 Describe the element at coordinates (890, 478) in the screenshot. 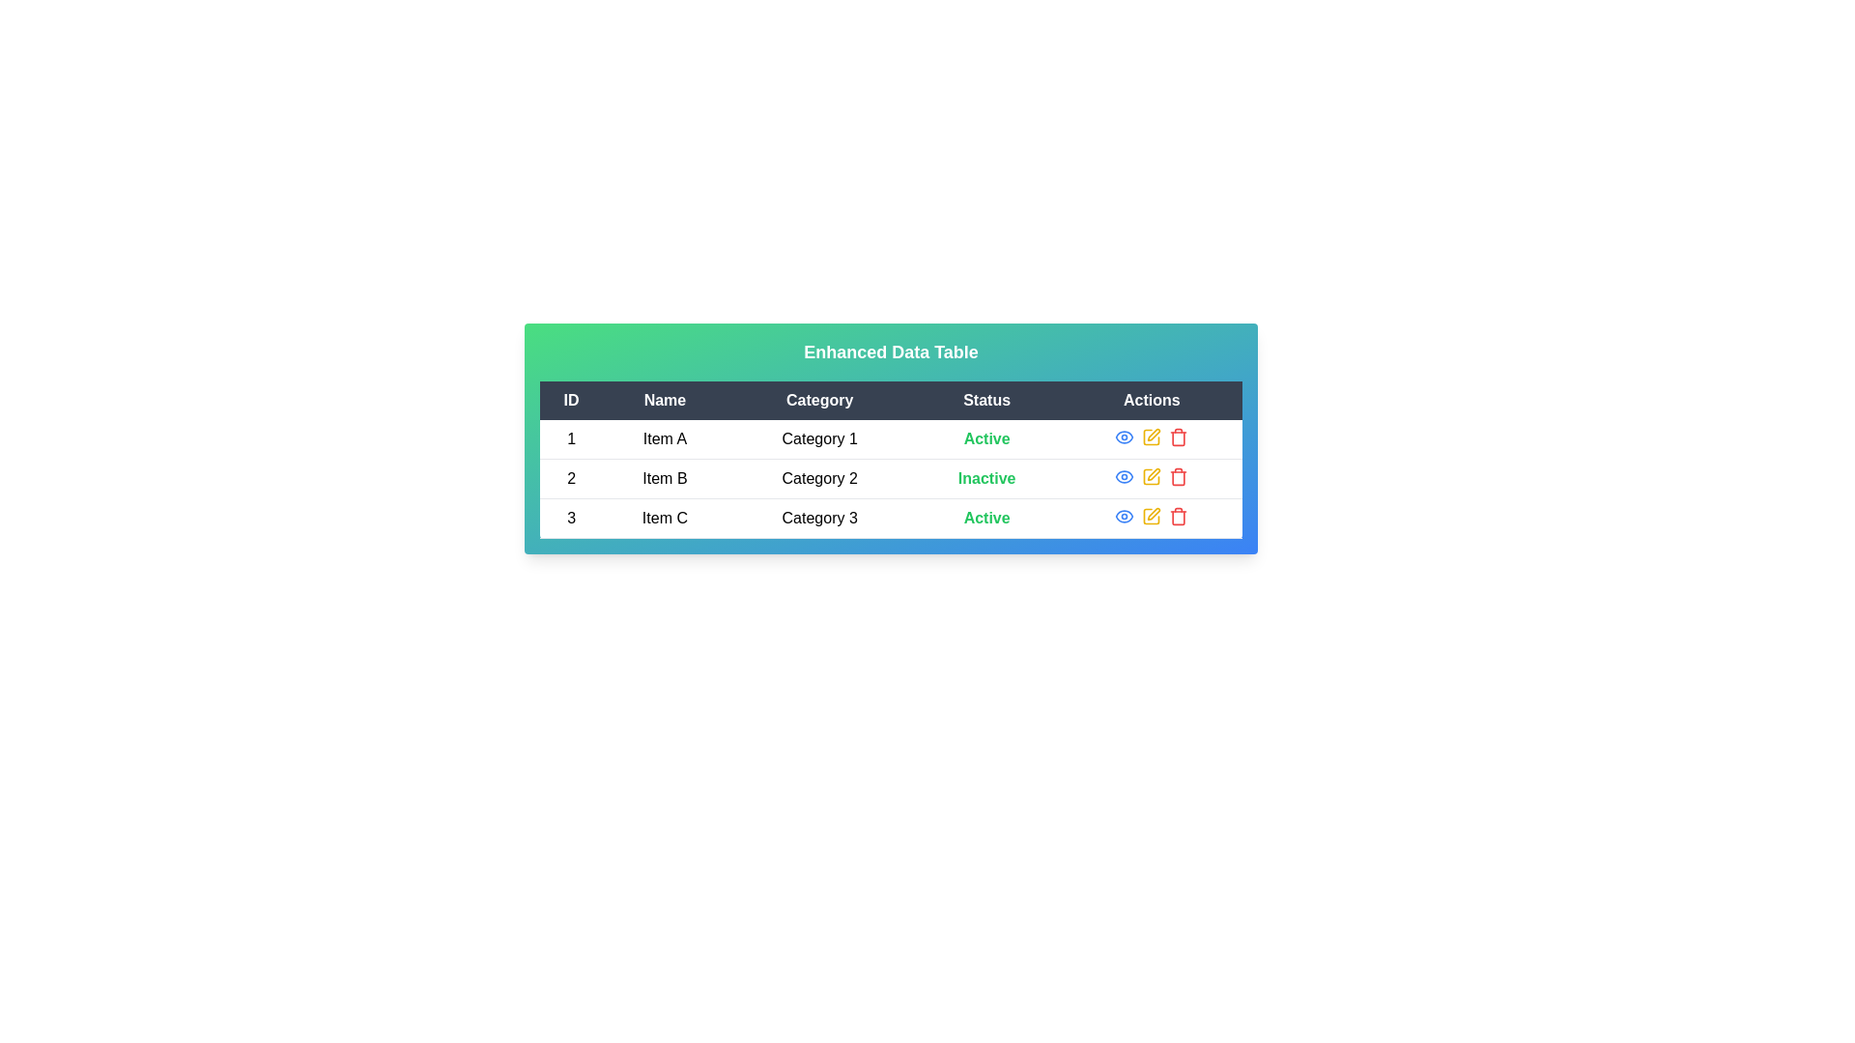

I see `the row corresponding to 2` at that location.